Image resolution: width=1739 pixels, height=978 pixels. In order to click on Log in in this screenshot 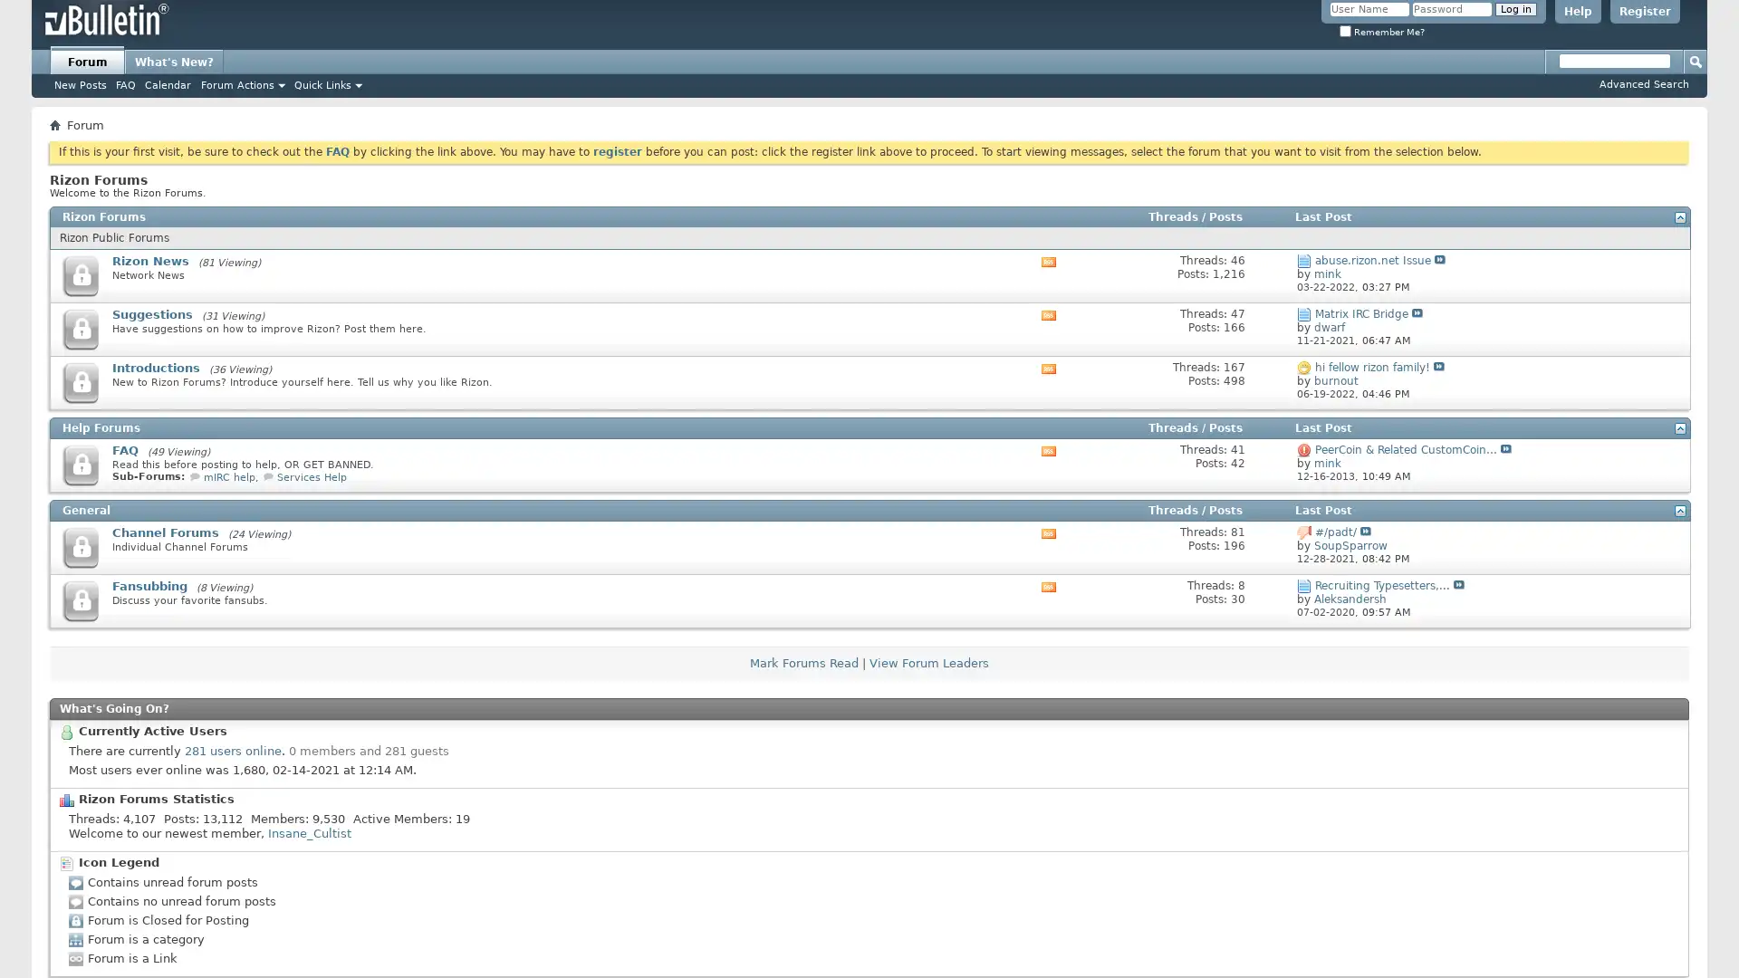, I will do `click(1516, 9)`.